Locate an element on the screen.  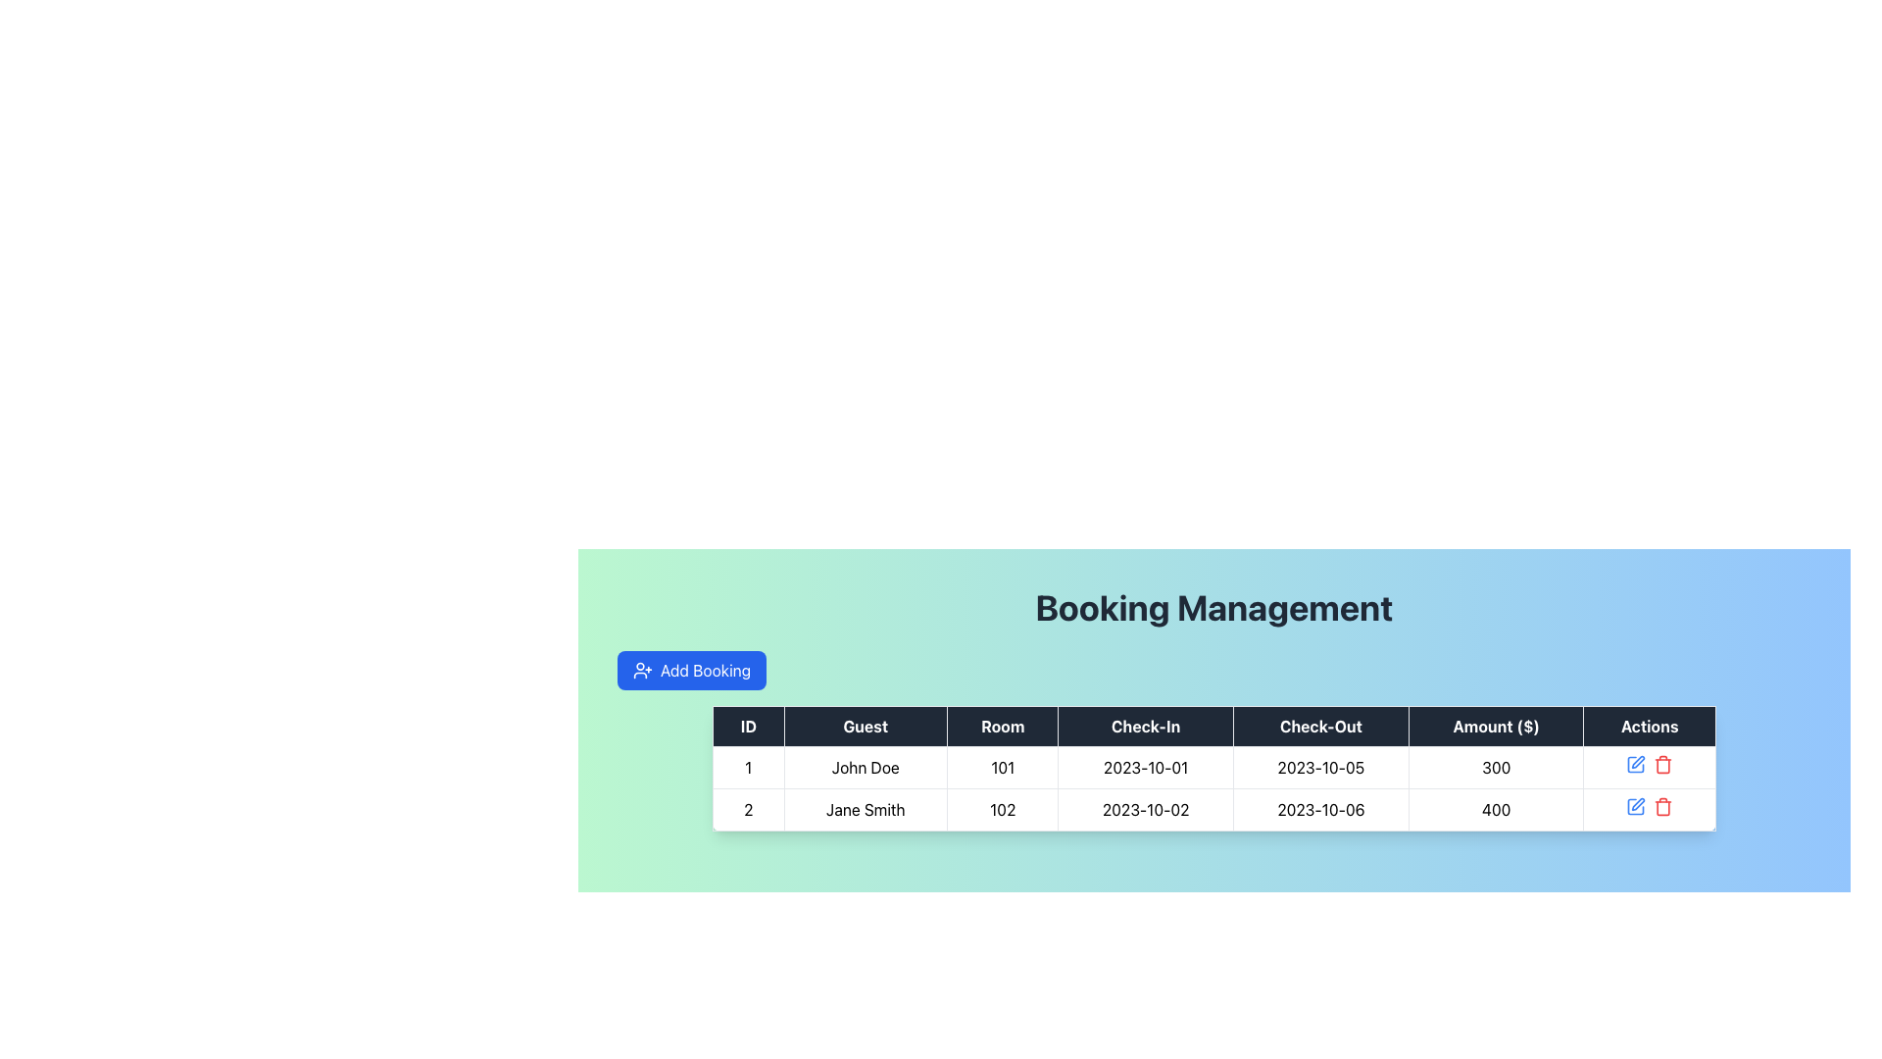
the interactive icon button located in the 'Actions' column of the booking management table for the first row is located at coordinates (1636, 763).